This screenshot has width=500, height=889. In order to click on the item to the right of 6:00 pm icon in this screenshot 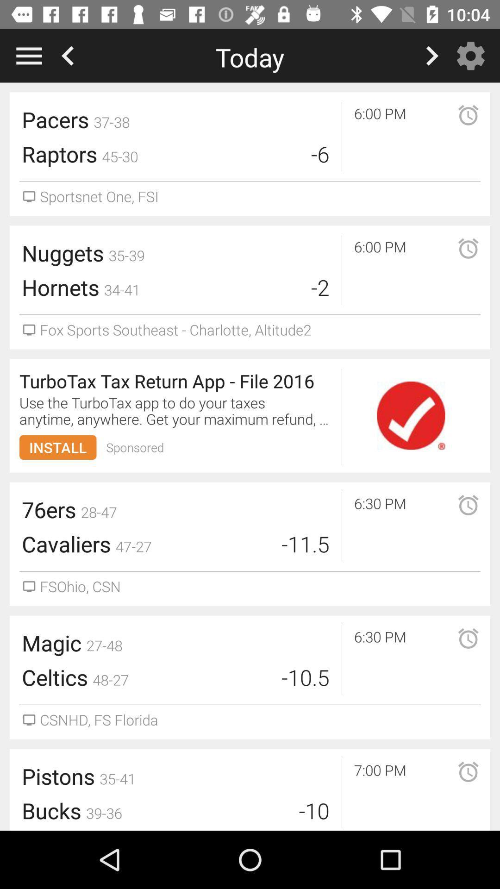, I will do `click(456, 260)`.